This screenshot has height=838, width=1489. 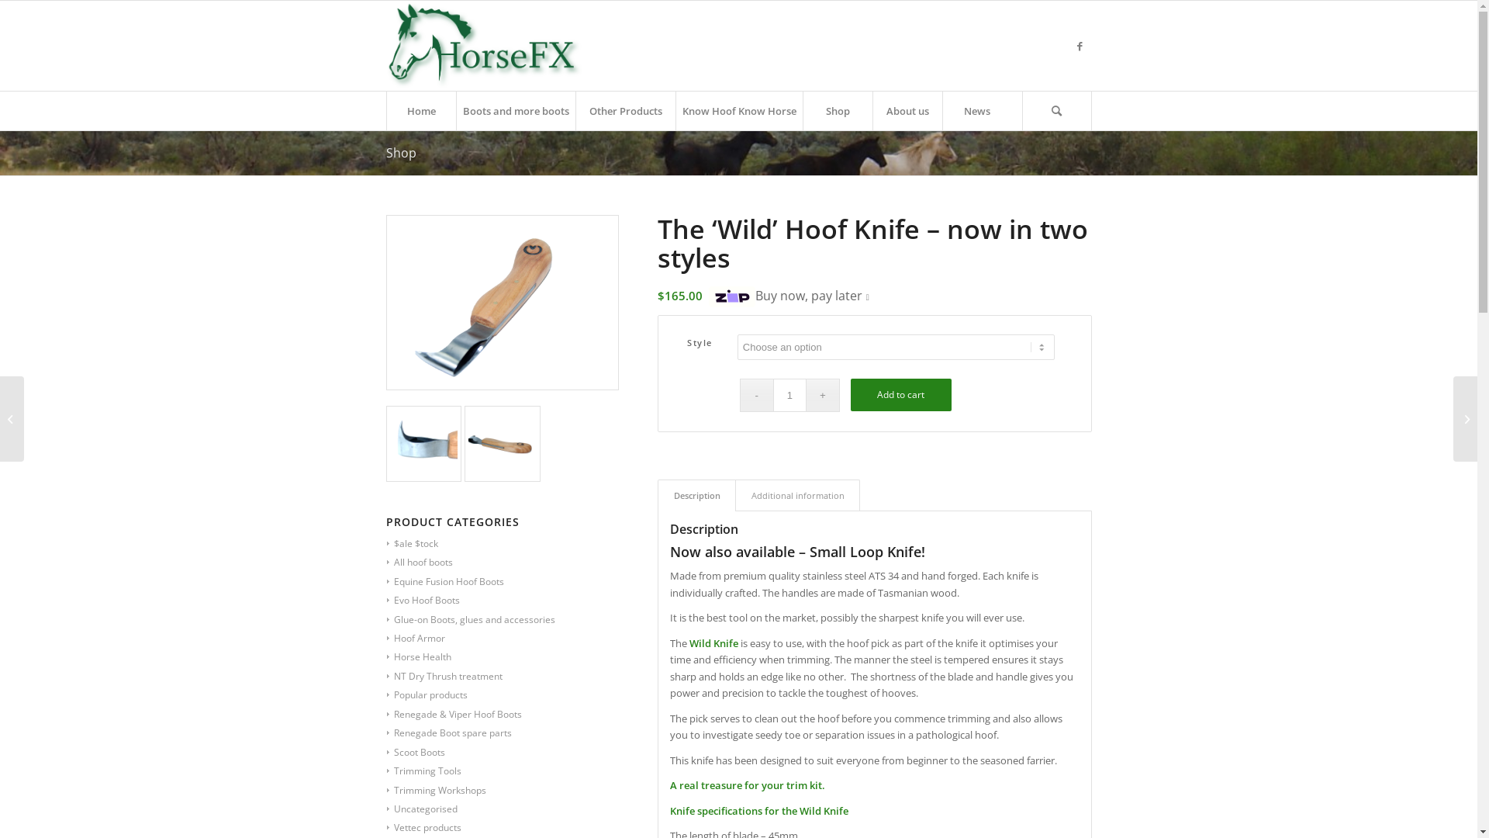 What do you see at coordinates (975, 109) in the screenshot?
I see `'News'` at bounding box center [975, 109].